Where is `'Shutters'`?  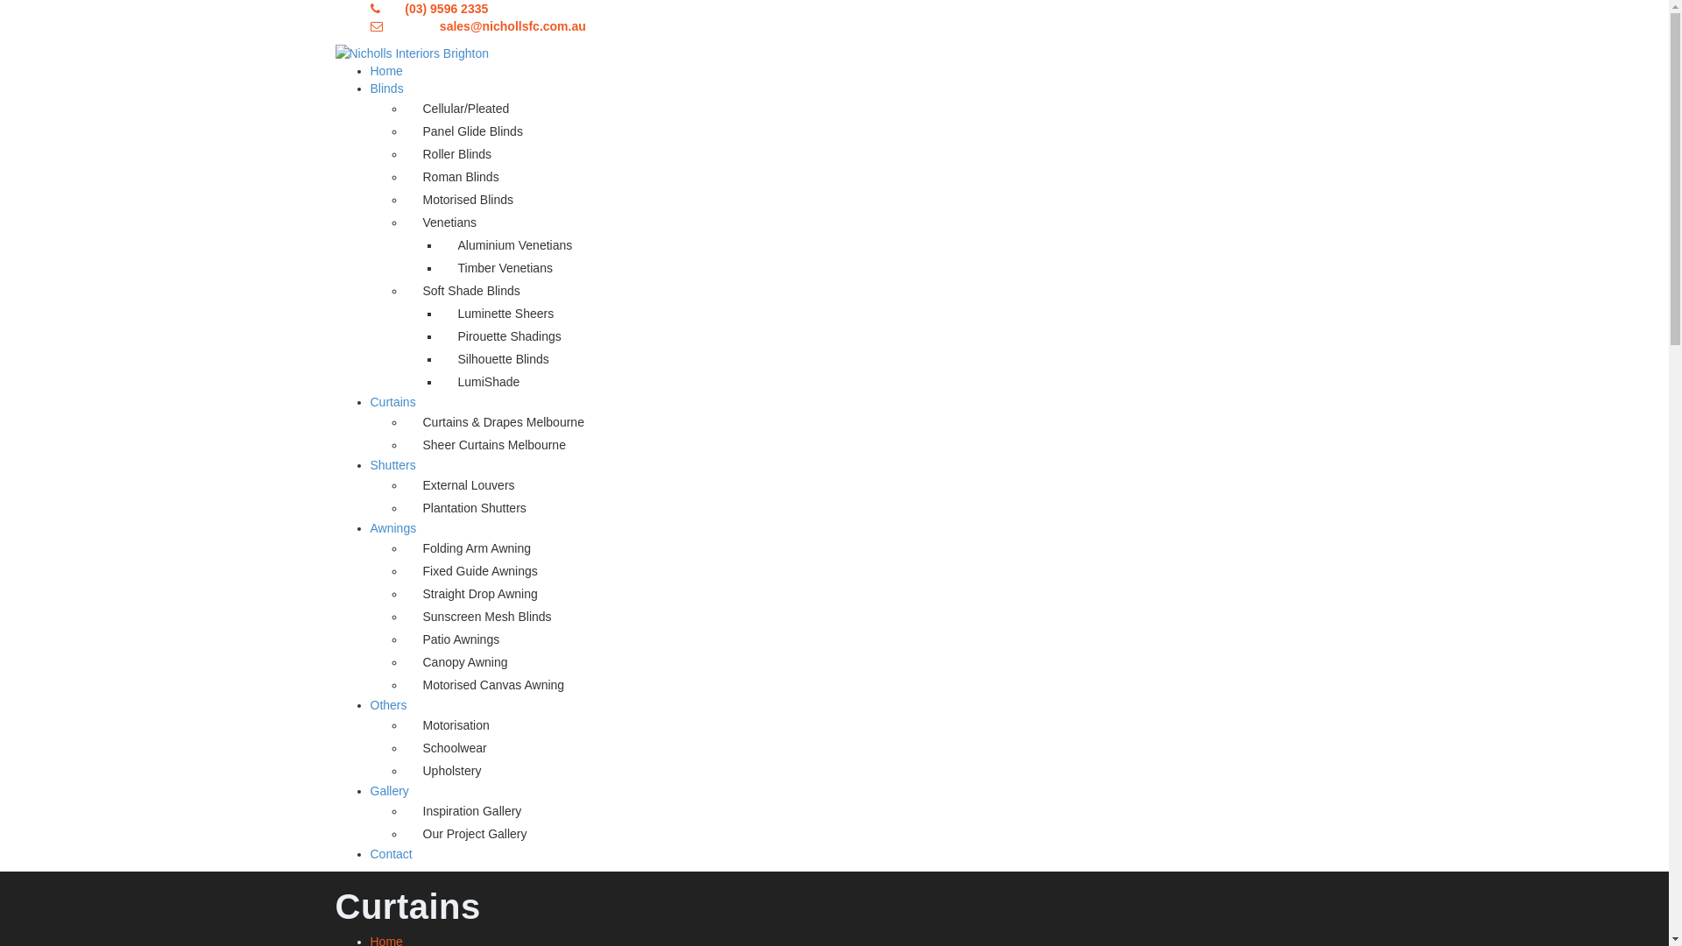
'Shutters' is located at coordinates (391, 464).